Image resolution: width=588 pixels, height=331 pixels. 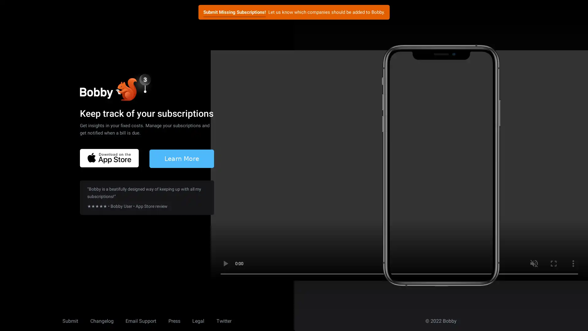 What do you see at coordinates (181, 158) in the screenshot?
I see `Learn More` at bounding box center [181, 158].